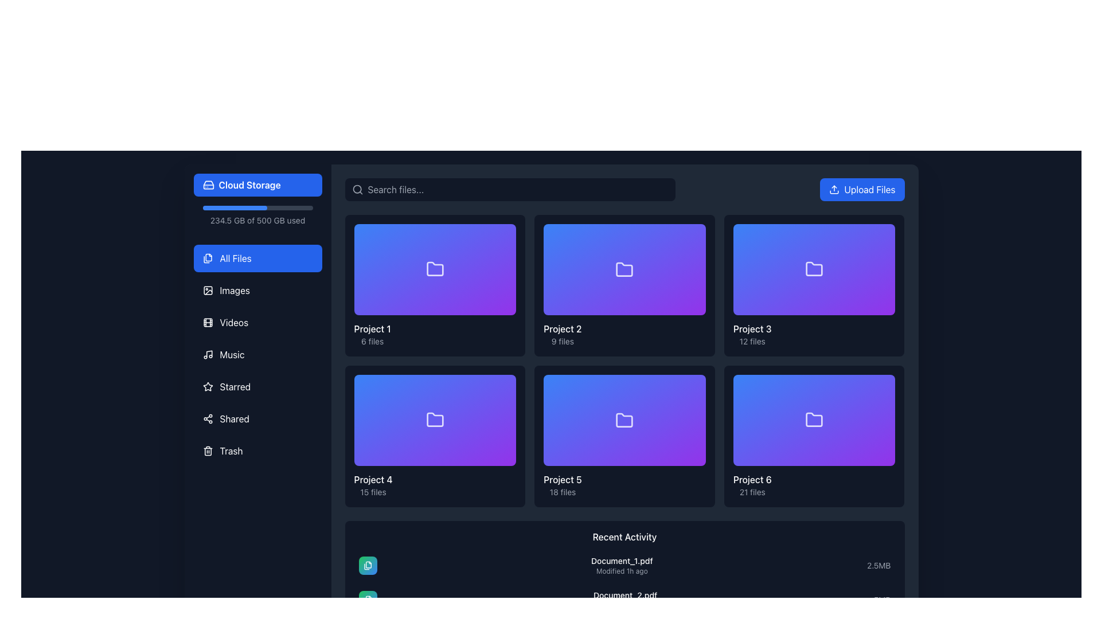 The image size is (1101, 619). What do you see at coordinates (621, 565) in the screenshot?
I see `the text label displaying 'Document_1.pdf' in the 'Recent Activity' section, which shows 'Modified 1h ago' as a subtext` at bounding box center [621, 565].